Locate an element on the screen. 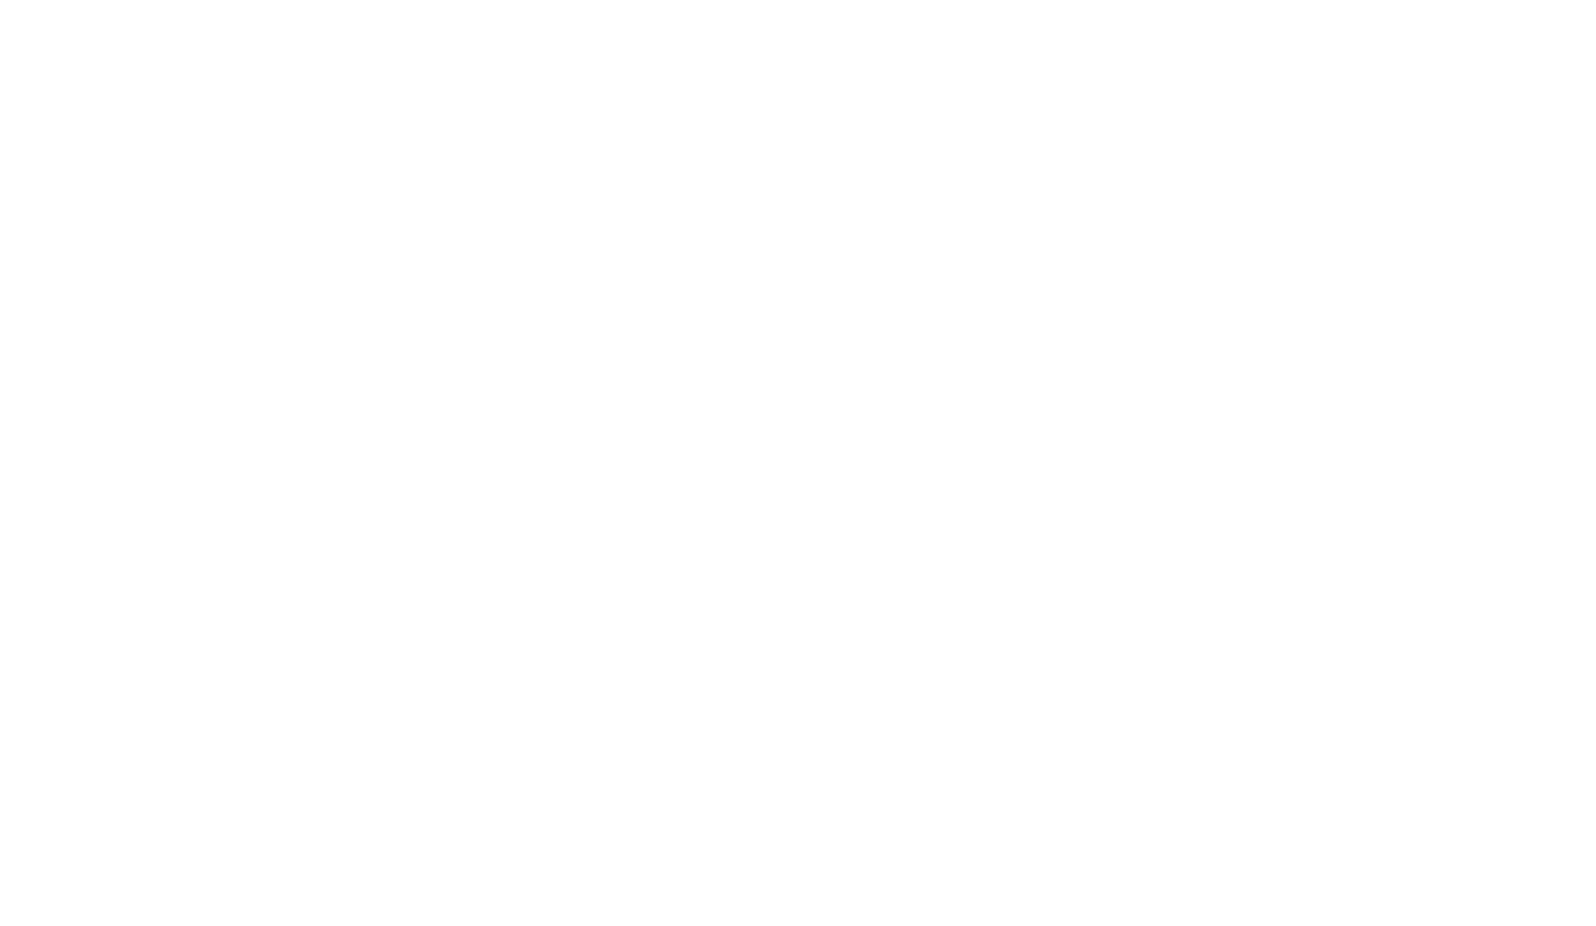  'Spotted par Eugénie 8' is located at coordinates (1210, 171).